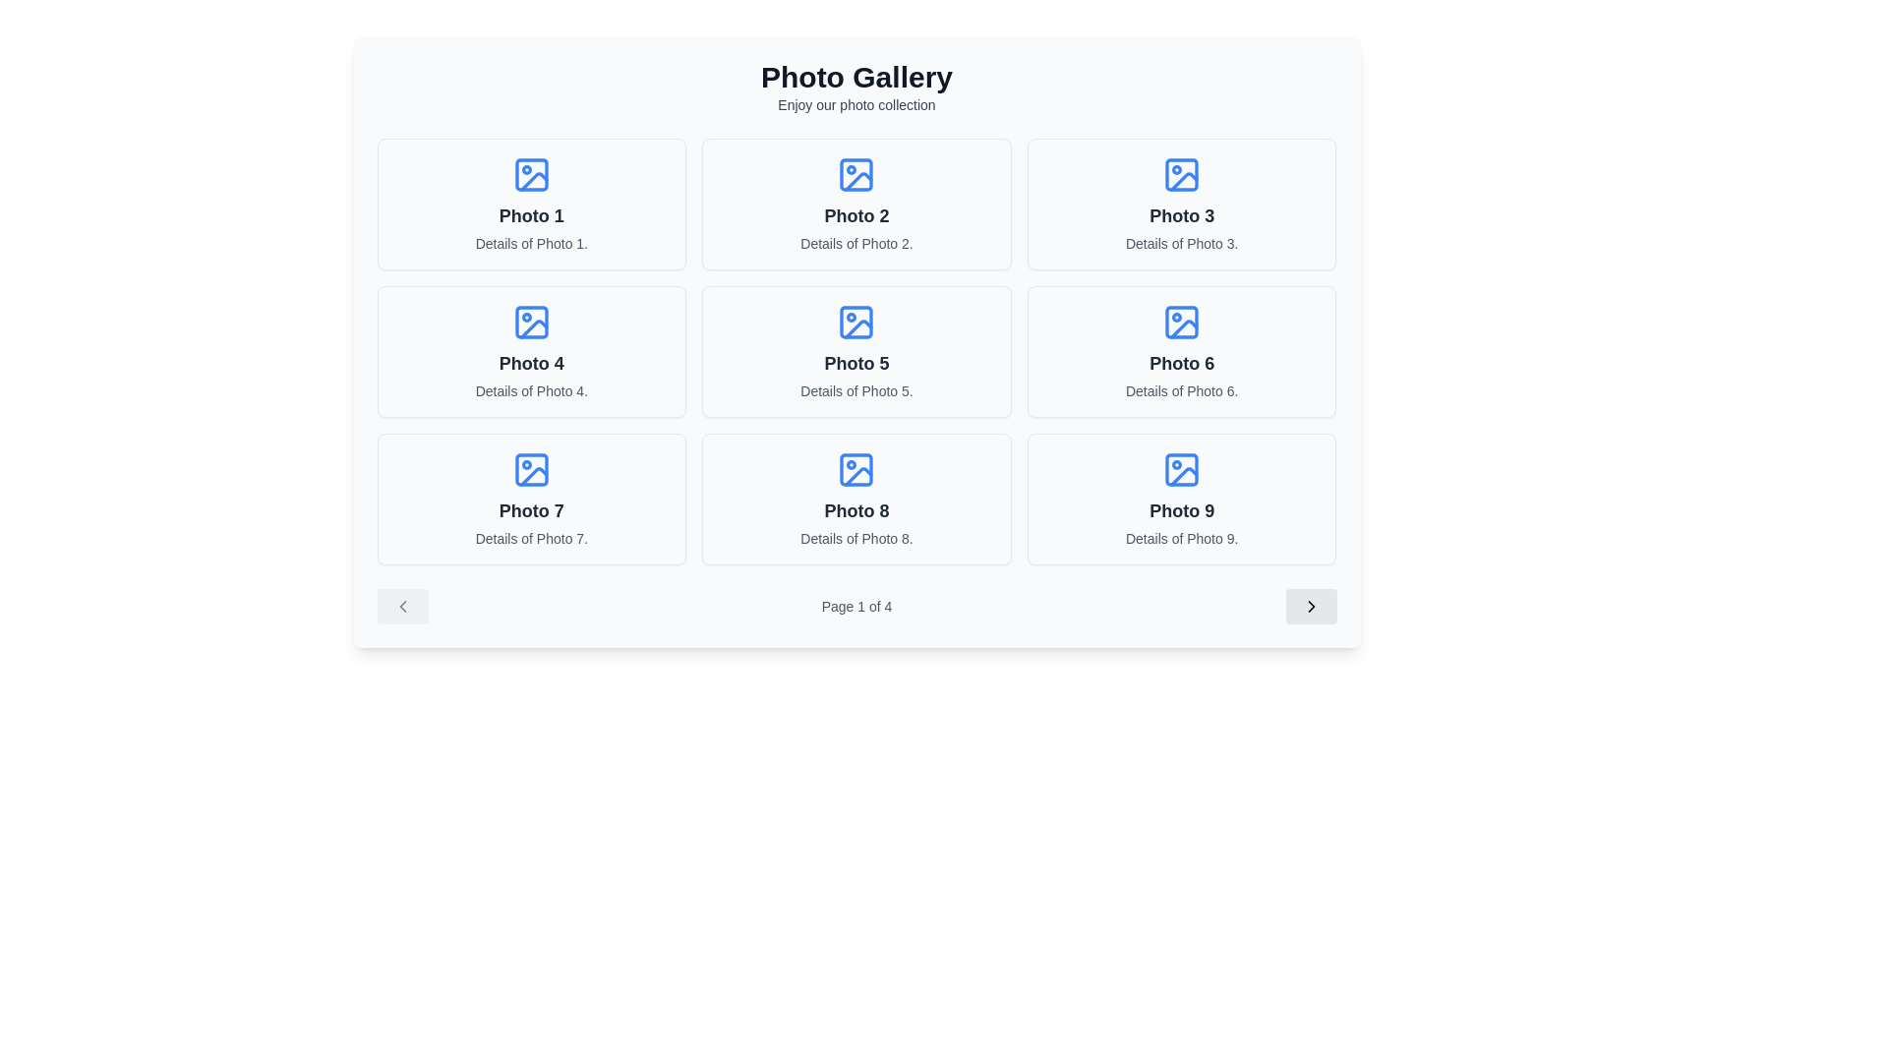 The image size is (1888, 1062). Describe the element at coordinates (856, 606) in the screenshot. I see `the text label displaying 'Page 1 of 4', which is centrally aligned between the left and right navigation arrows in the pagination layout` at that location.